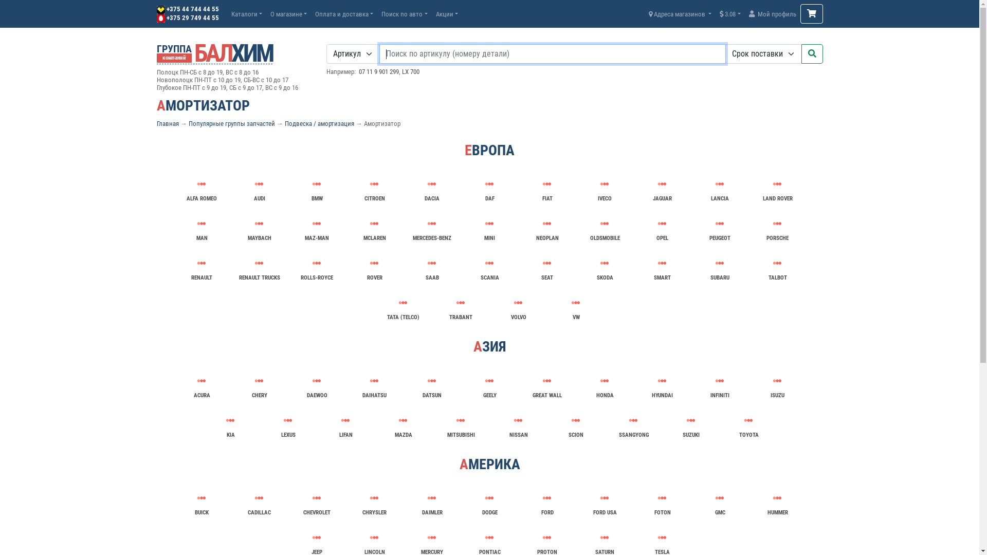 This screenshot has height=555, width=987. Describe the element at coordinates (191, 497) in the screenshot. I see `'BUICK'` at that location.